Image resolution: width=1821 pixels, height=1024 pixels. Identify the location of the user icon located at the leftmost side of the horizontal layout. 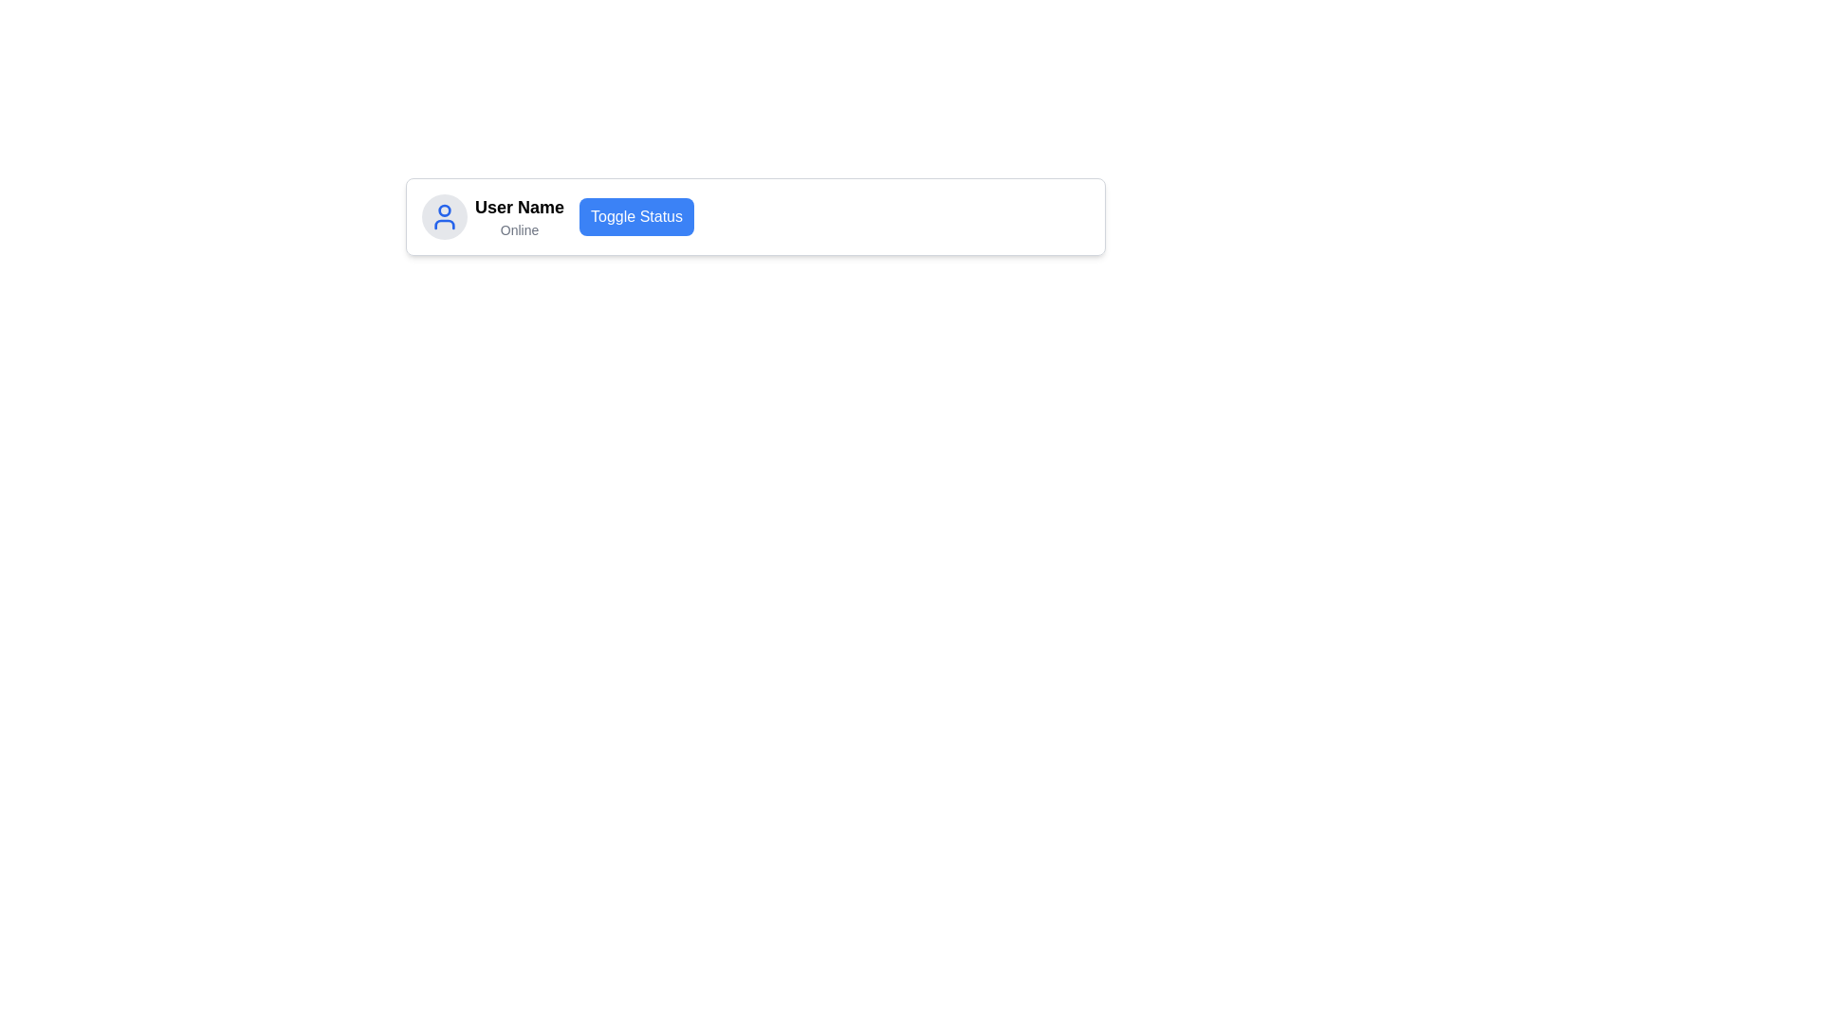
(444, 215).